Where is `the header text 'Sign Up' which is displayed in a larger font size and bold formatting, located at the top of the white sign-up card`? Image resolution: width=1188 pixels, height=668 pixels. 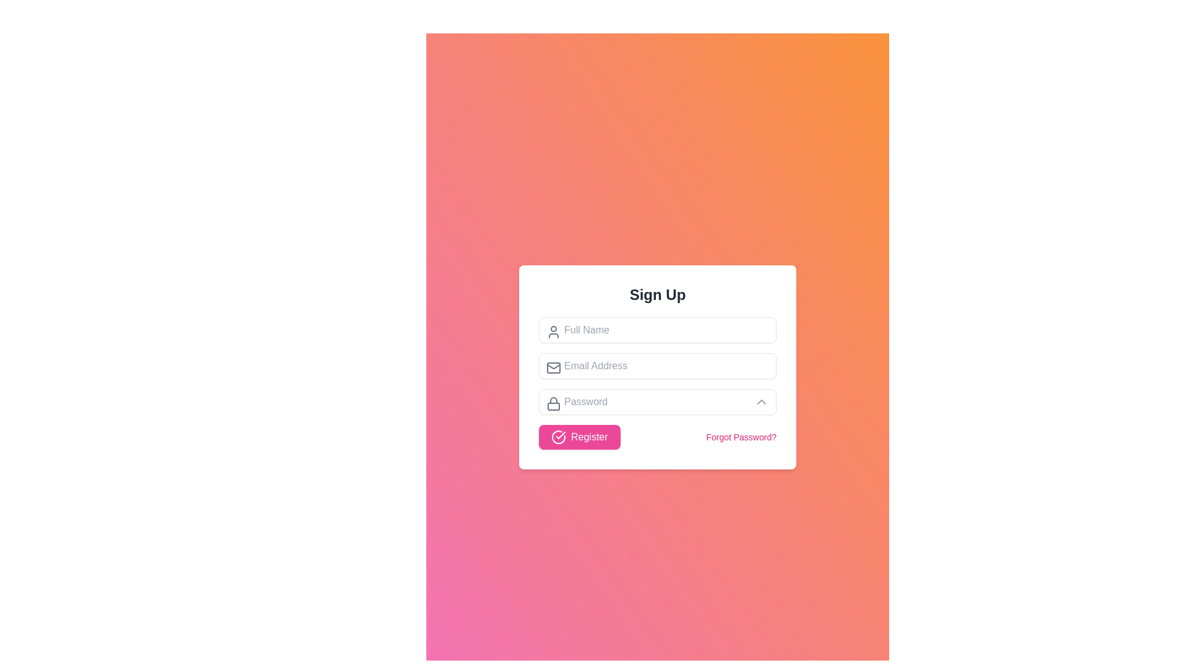
the header text 'Sign Up' which is displayed in a larger font size and bold formatting, located at the top of the white sign-up card is located at coordinates (656, 295).